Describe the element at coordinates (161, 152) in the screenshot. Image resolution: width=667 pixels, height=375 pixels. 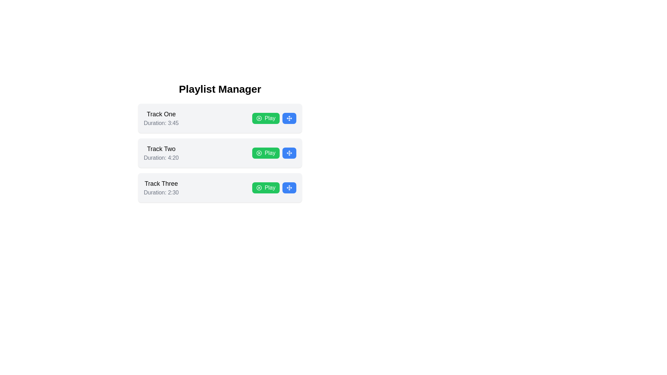
I see `the static text display component that shows the title and duration of the second track in the playlist, located under the 'Playlist Manager' heading` at that location.